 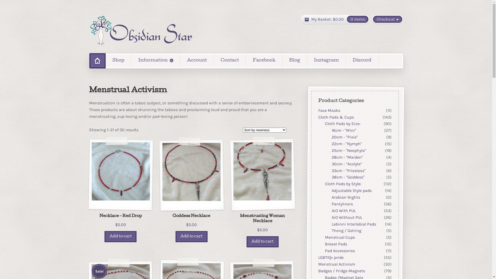 I want to click on 'Account', so click(x=197, y=60).